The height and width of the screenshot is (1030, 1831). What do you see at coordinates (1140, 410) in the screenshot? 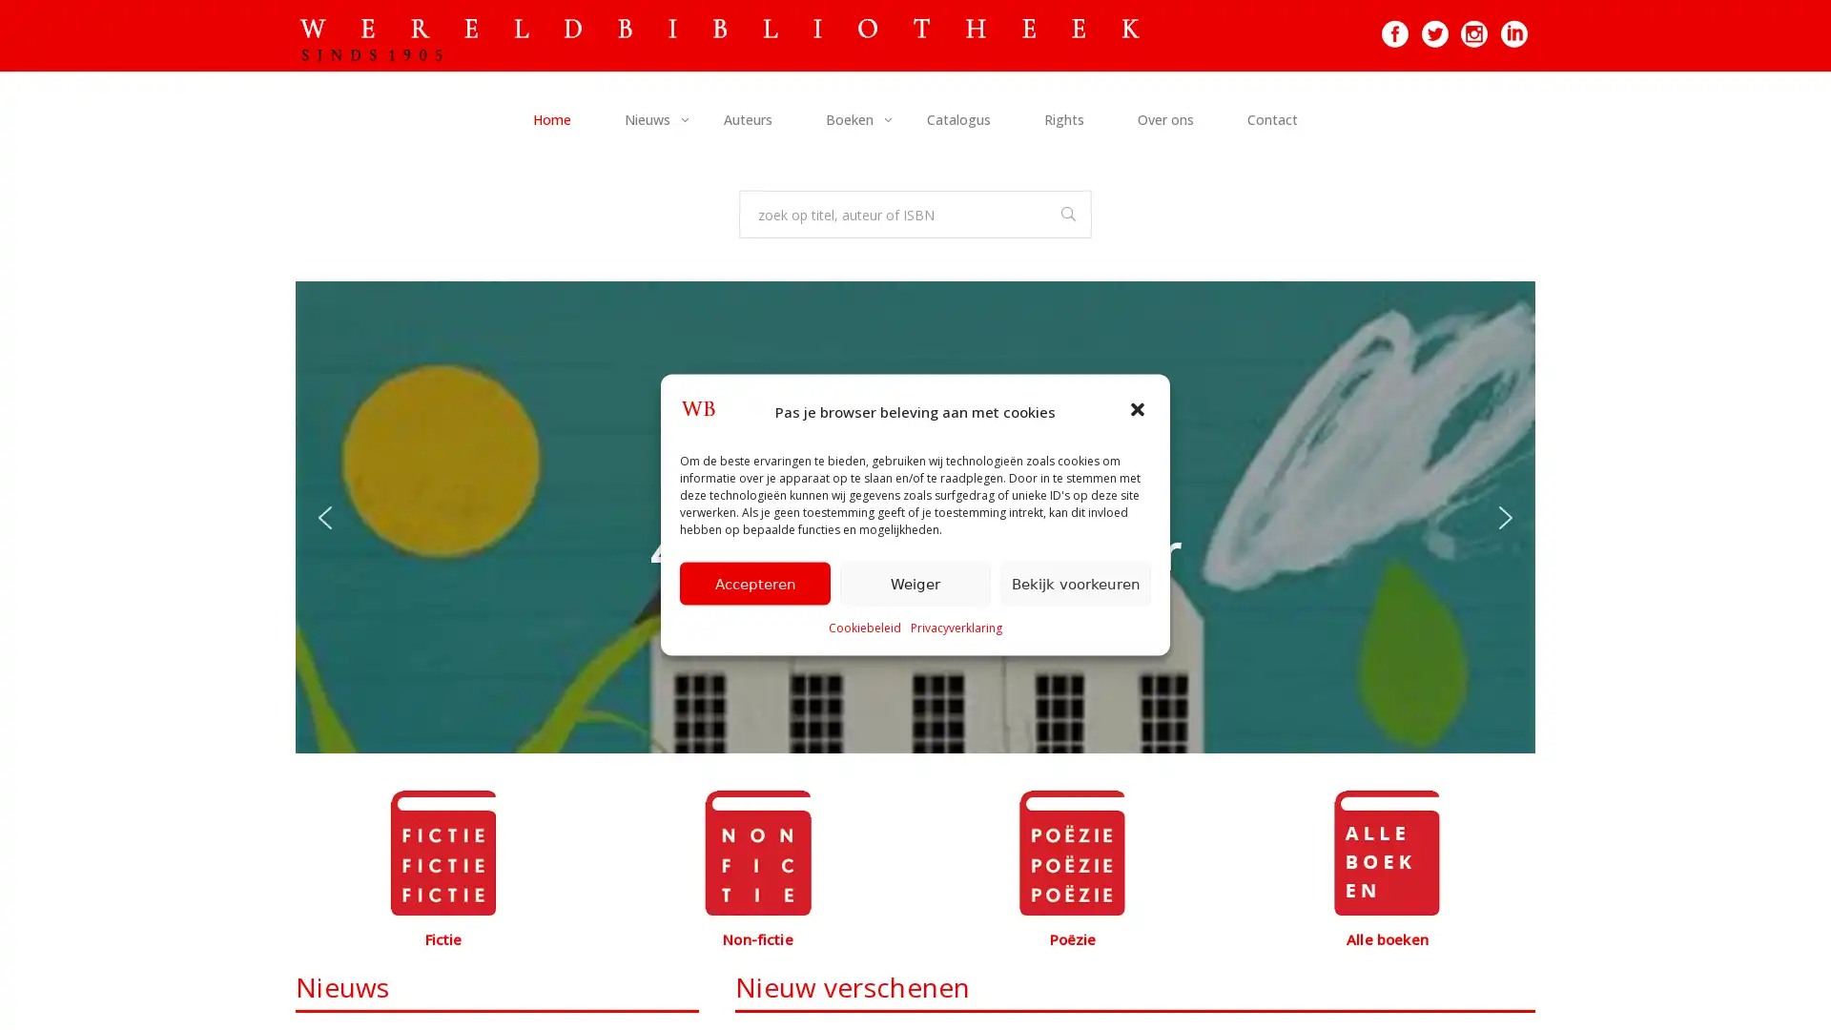
I see `close-dialog` at bounding box center [1140, 410].